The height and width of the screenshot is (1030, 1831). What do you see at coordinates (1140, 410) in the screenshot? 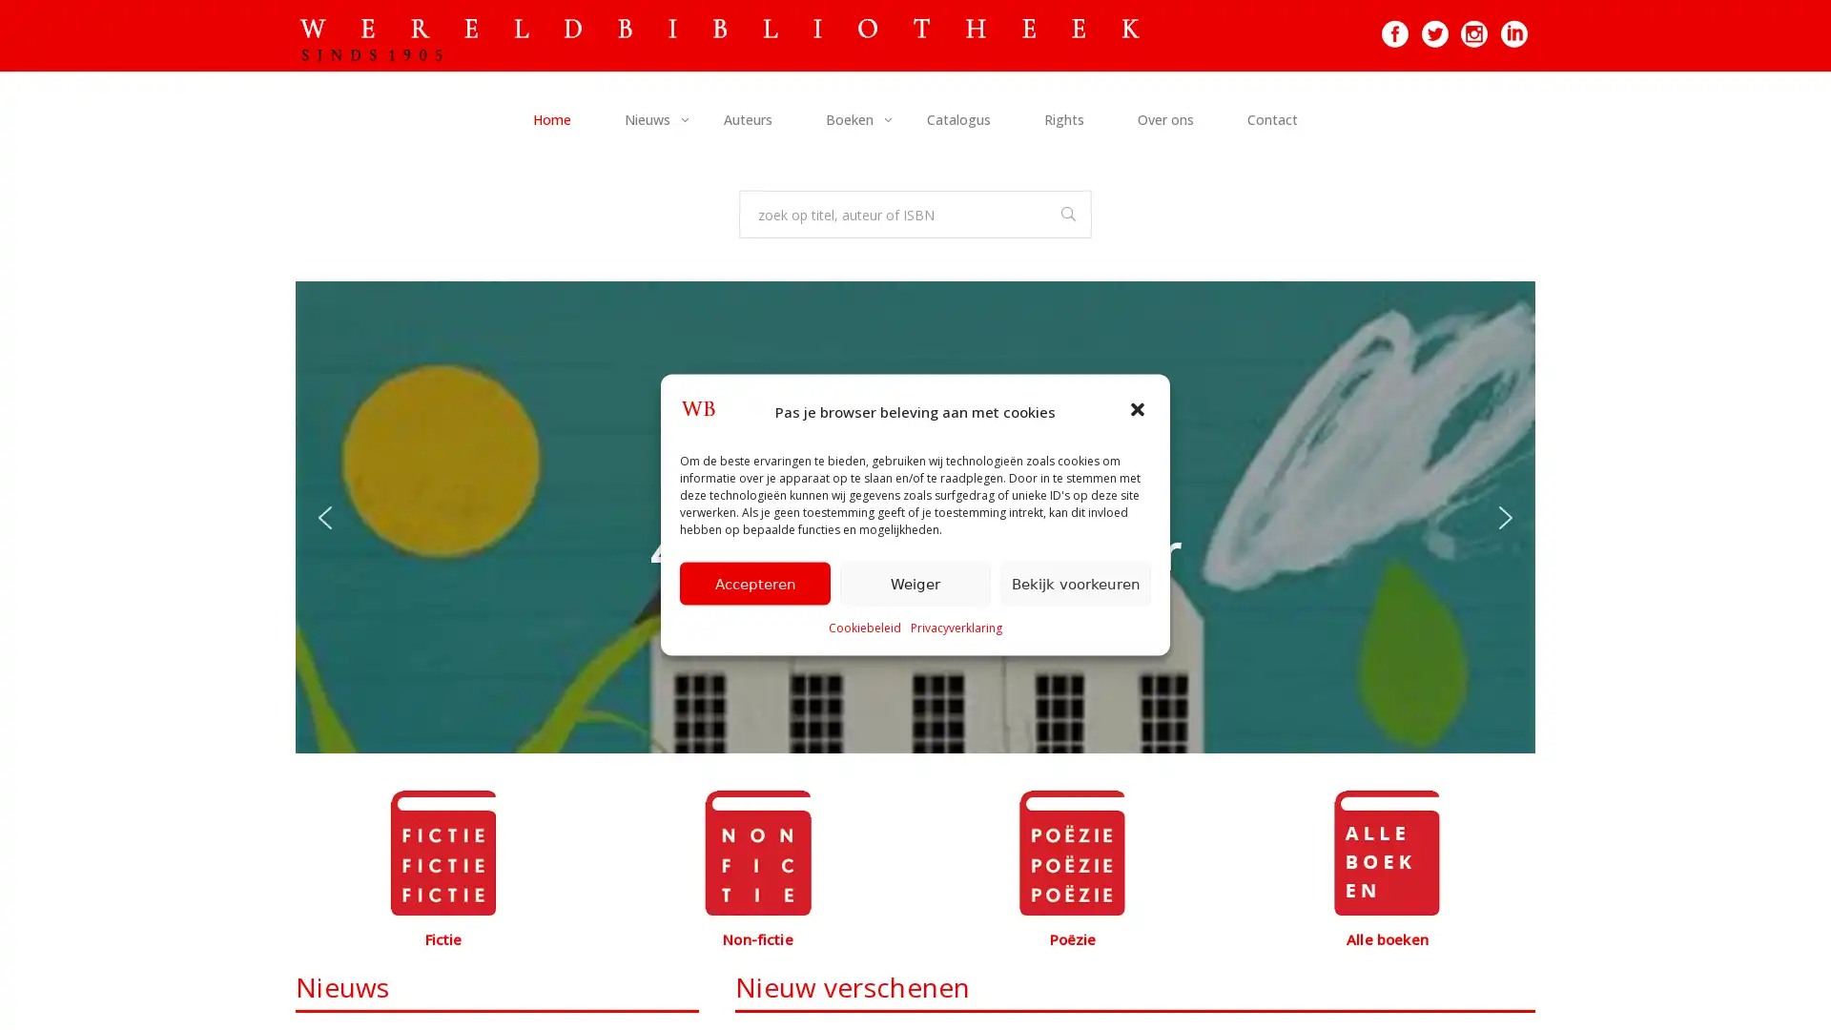
I see `close-dialog` at bounding box center [1140, 410].